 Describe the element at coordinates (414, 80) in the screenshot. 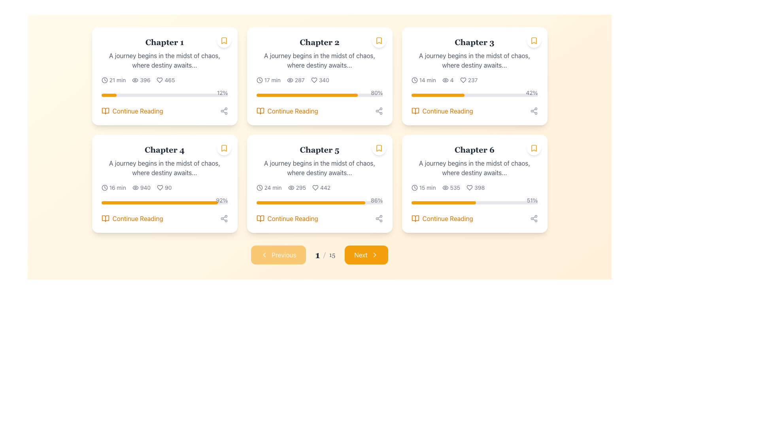

I see `the clock icon, which is an SVG-based visual element located next to the text '14 min' in the card for 'Chapter 3'` at that location.